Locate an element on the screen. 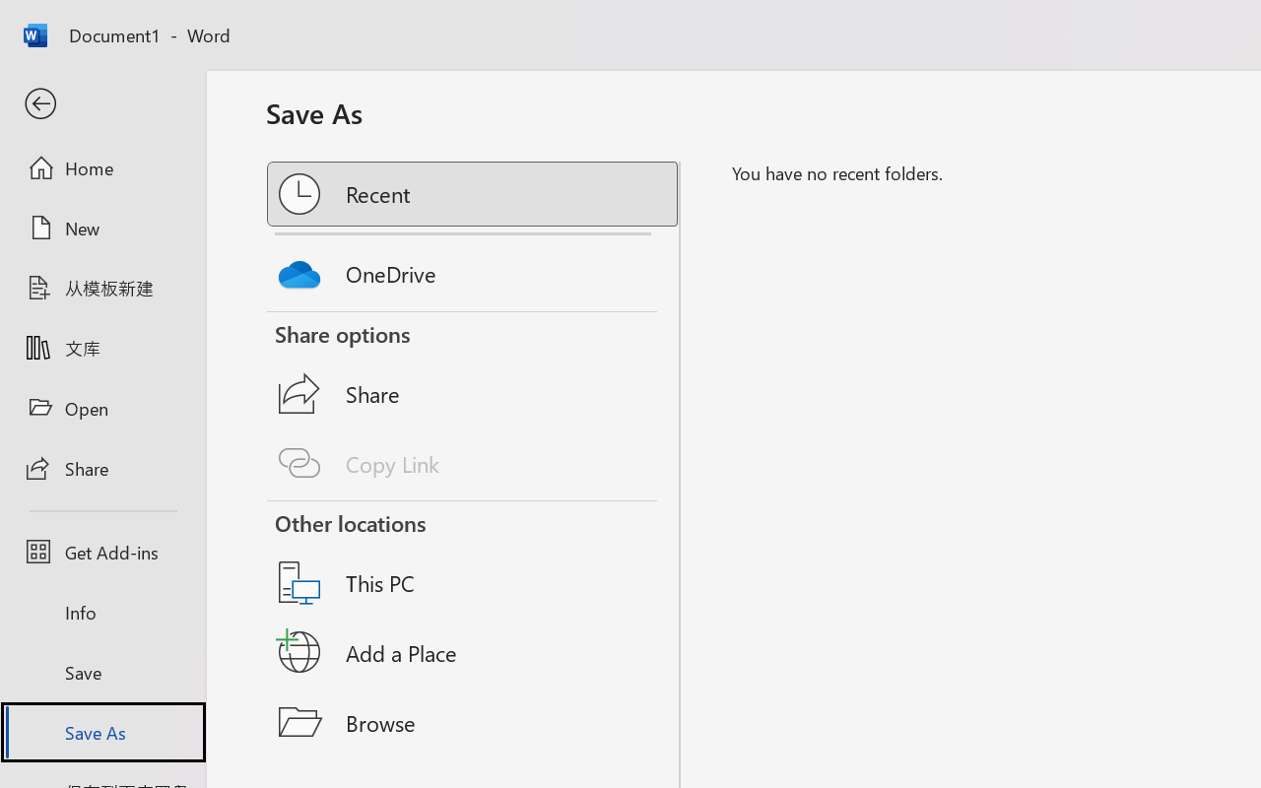 The width and height of the screenshot is (1261, 788). 'Get Add-ins' is located at coordinates (101, 552).